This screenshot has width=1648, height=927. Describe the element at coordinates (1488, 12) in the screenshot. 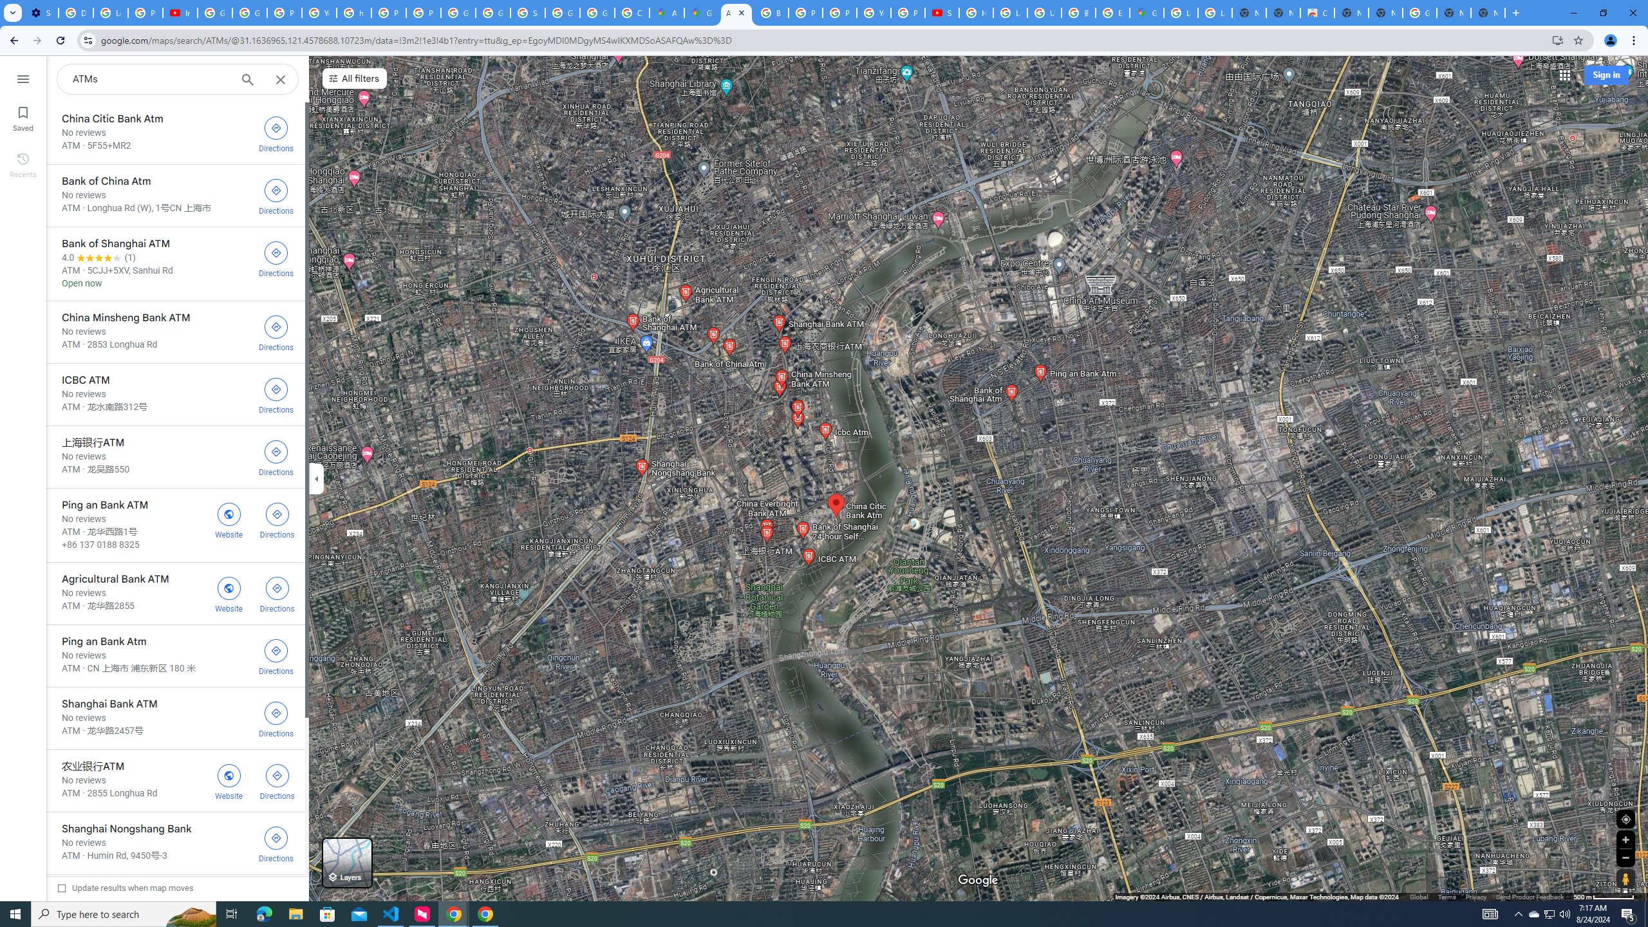

I see `'New Tab'` at that location.